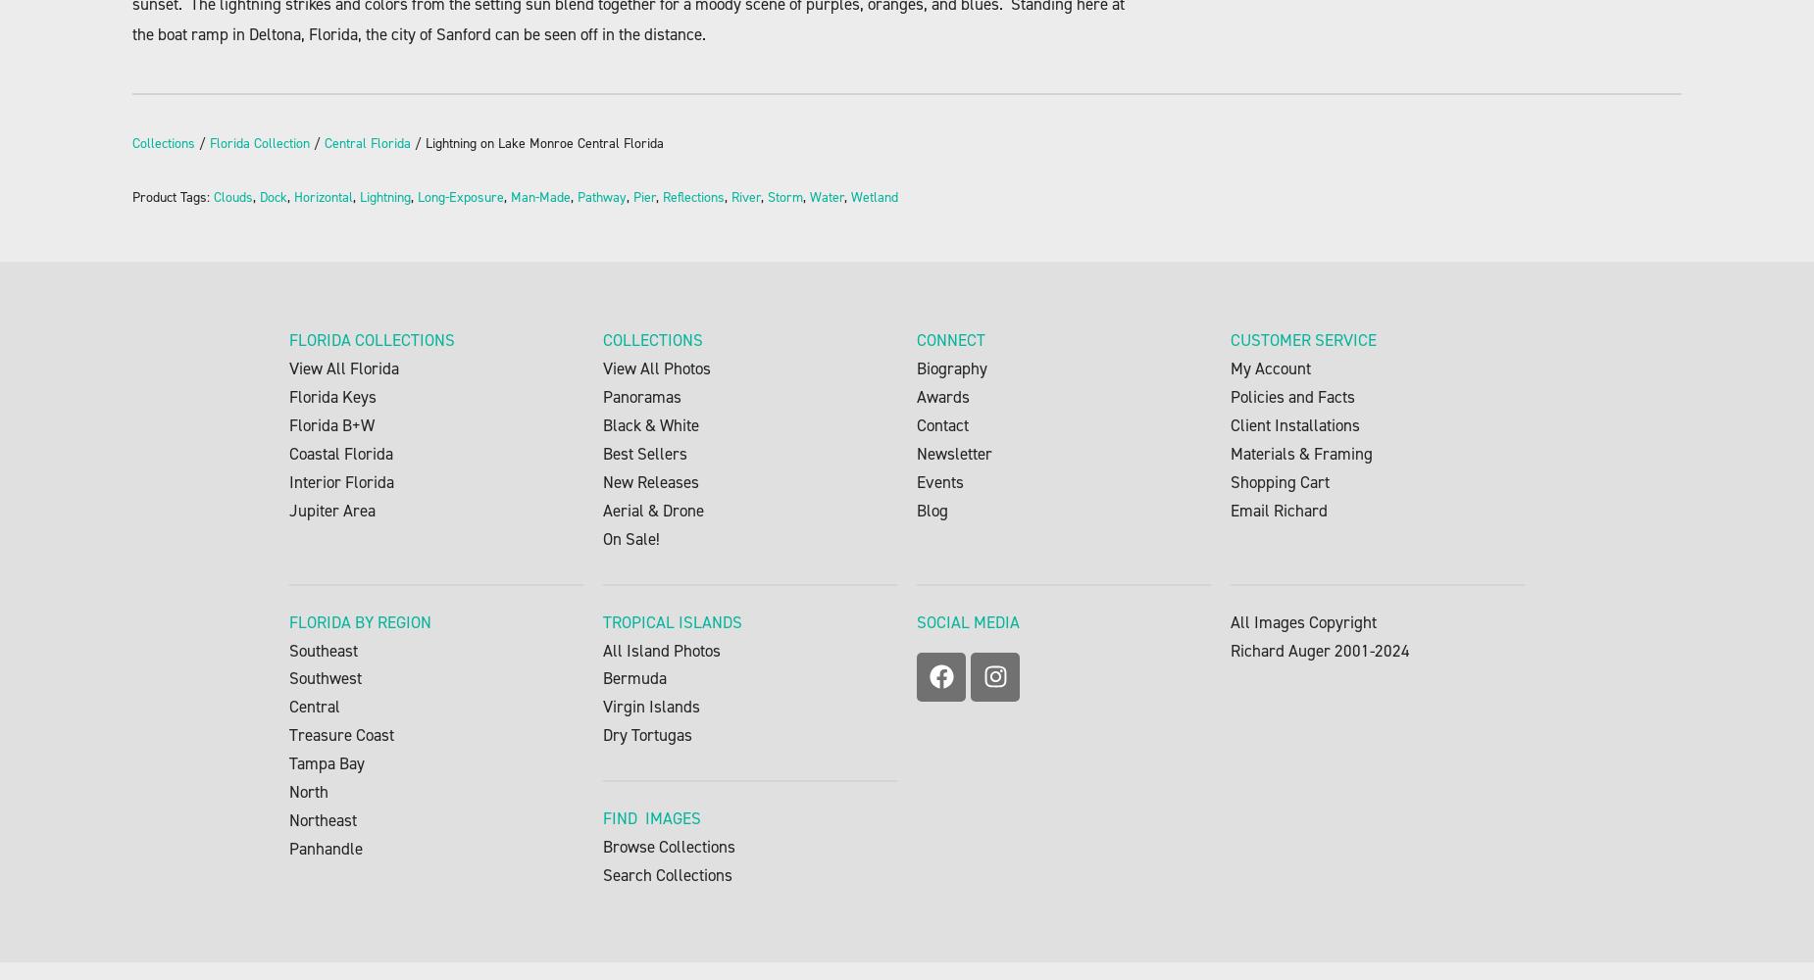  What do you see at coordinates (339, 453) in the screenshot?
I see `'Coastal Florida'` at bounding box center [339, 453].